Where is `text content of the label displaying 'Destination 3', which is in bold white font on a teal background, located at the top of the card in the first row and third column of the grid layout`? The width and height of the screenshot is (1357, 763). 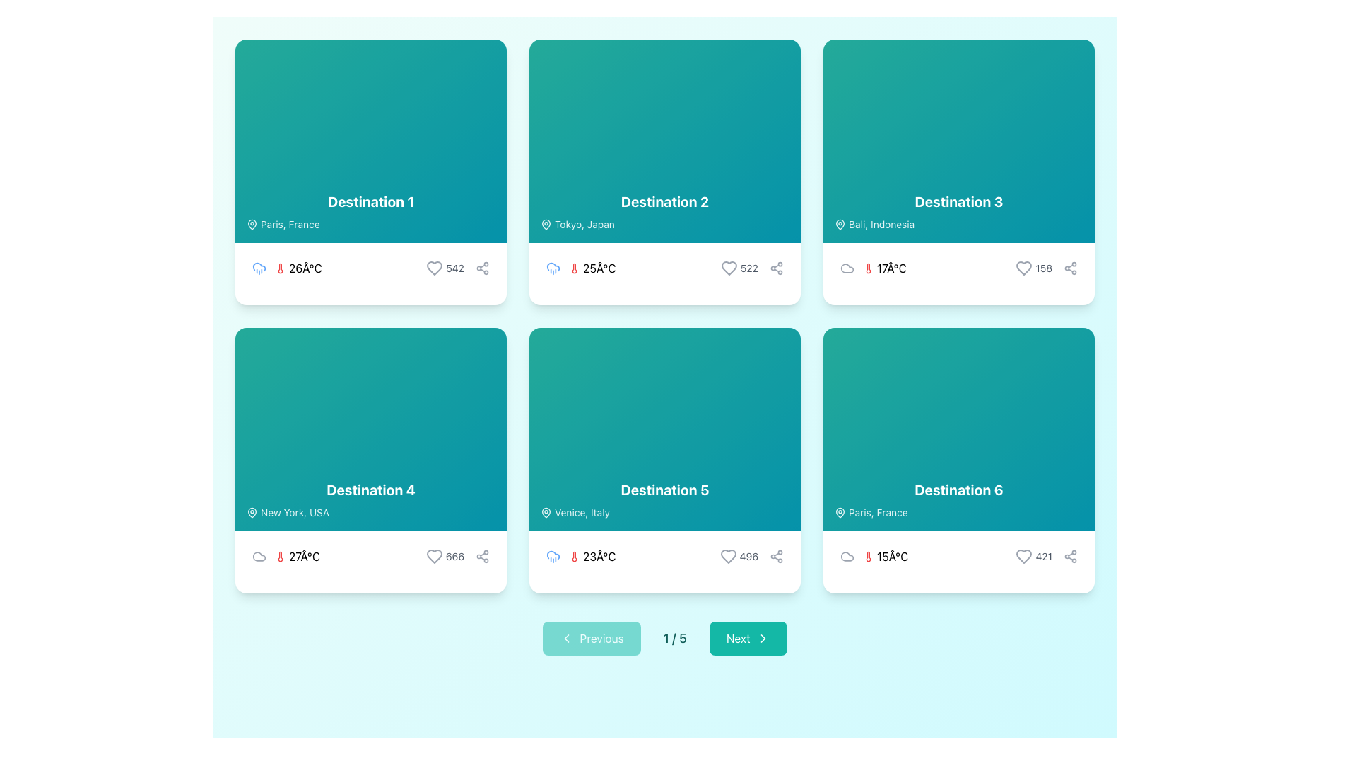
text content of the label displaying 'Destination 3', which is in bold white font on a teal background, located at the top of the card in the first row and third column of the grid layout is located at coordinates (959, 201).